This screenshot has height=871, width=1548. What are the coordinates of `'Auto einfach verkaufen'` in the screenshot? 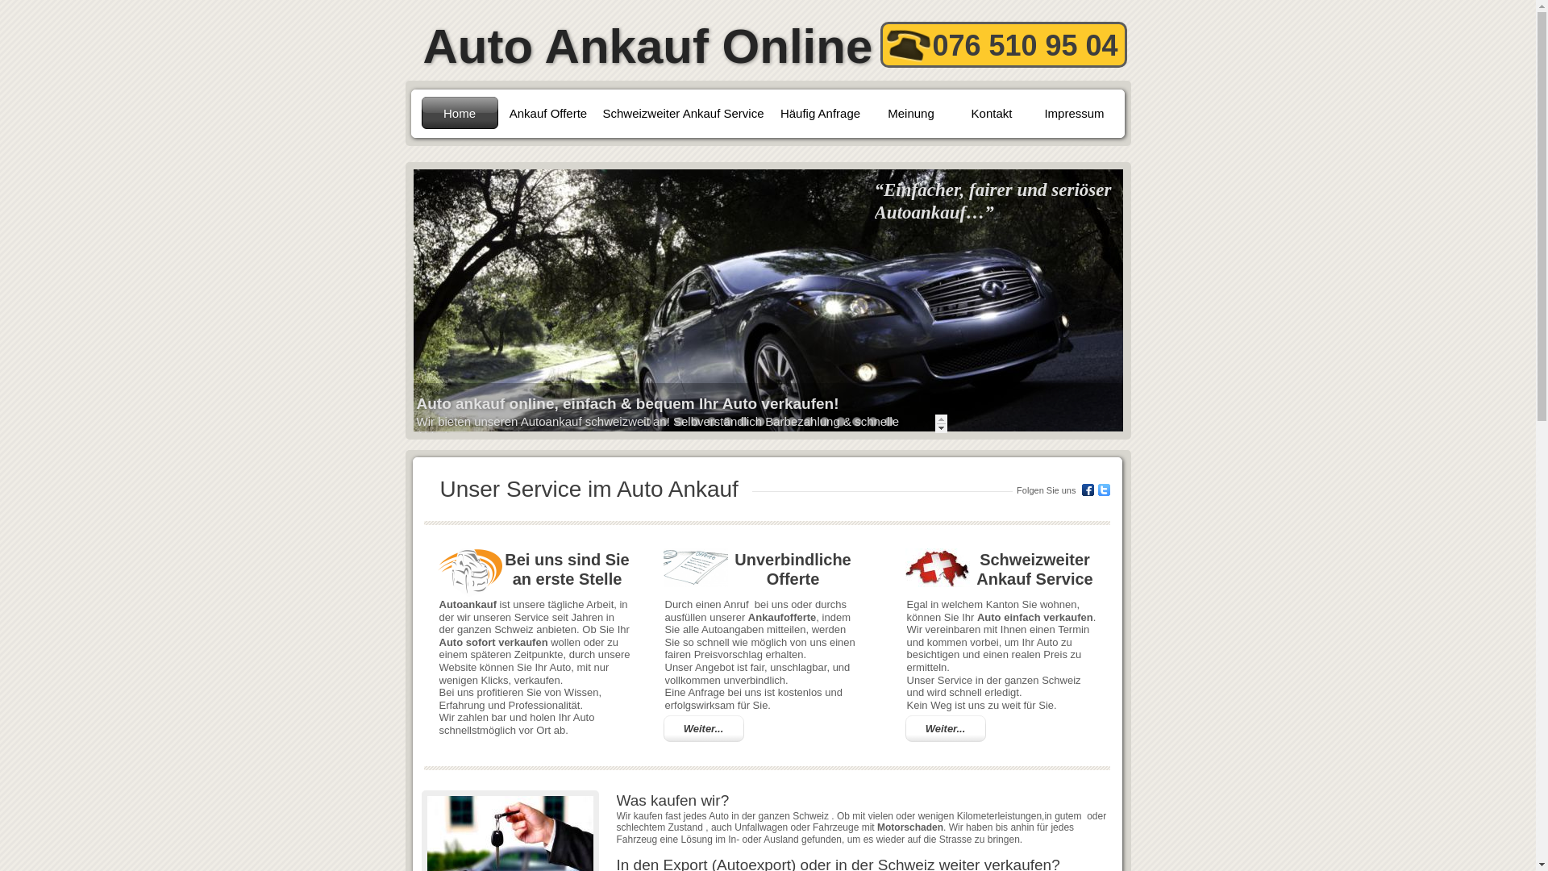 It's located at (1034, 616).